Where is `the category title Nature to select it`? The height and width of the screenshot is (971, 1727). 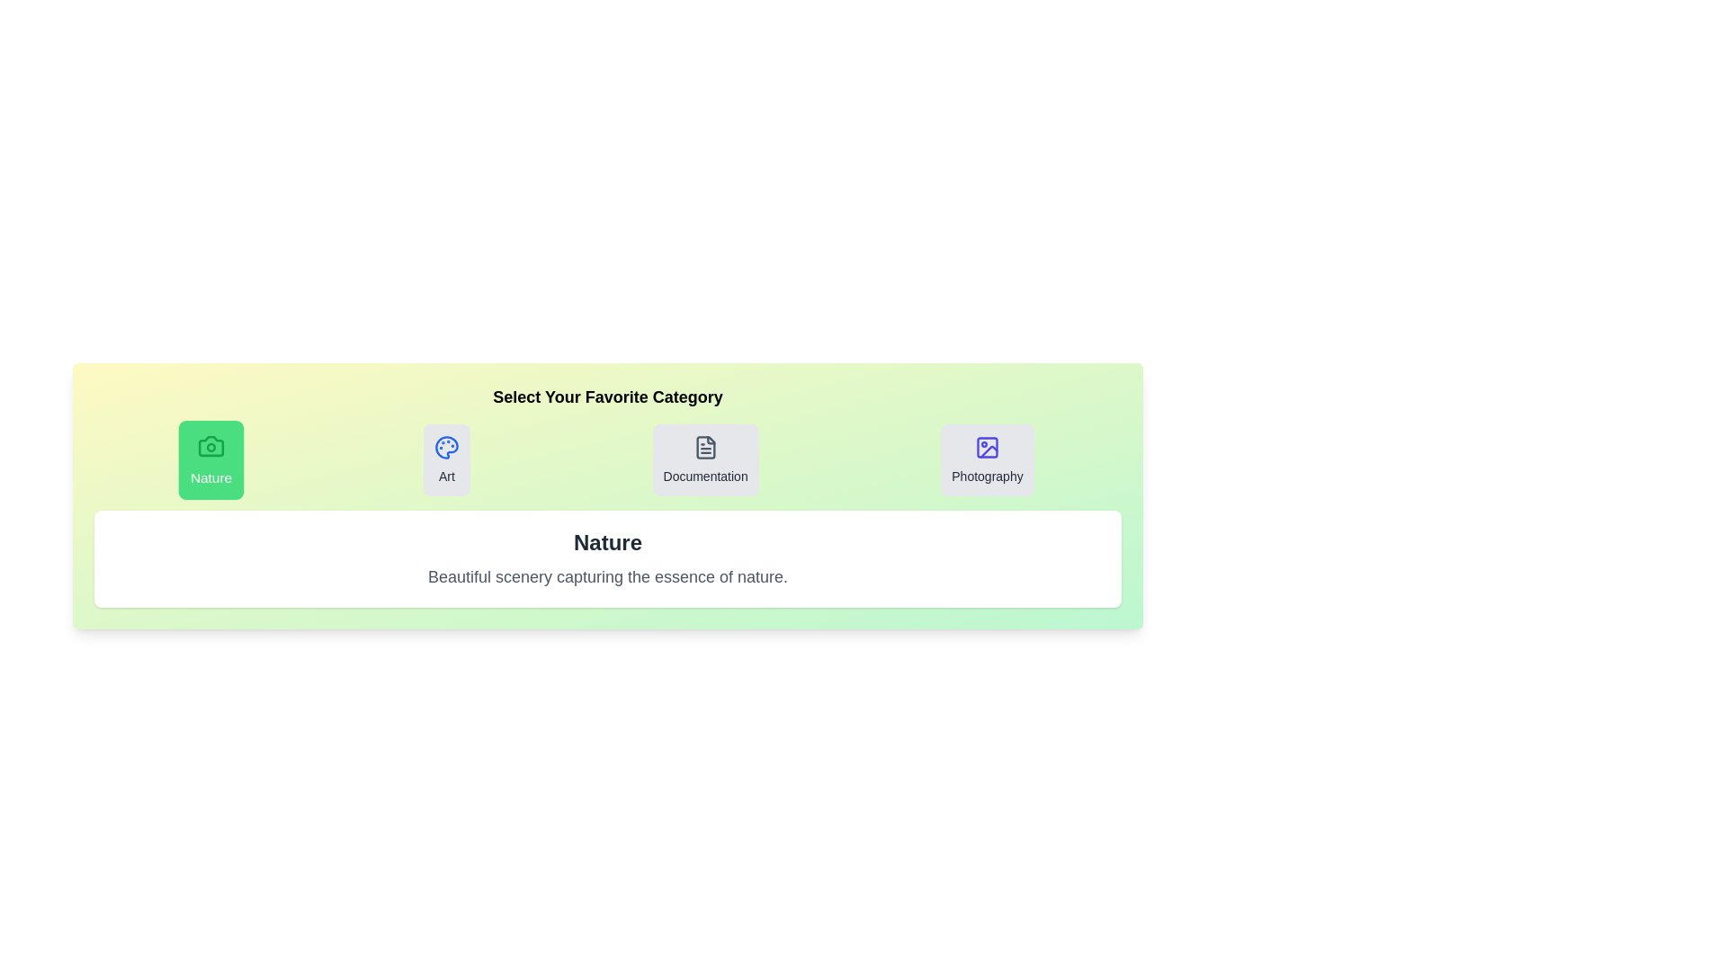
the category title Nature to select it is located at coordinates (211, 459).